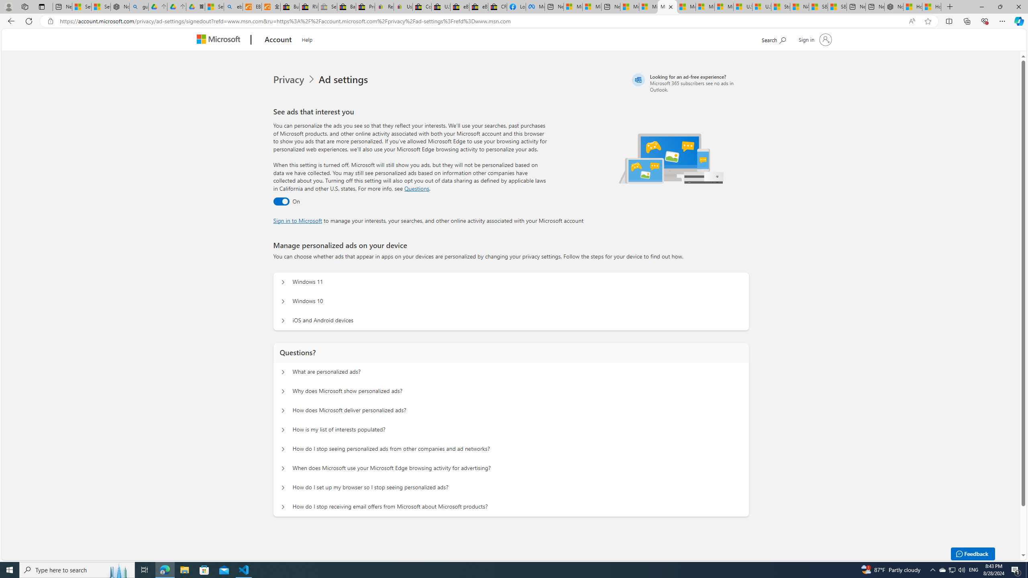 This screenshot has width=1028, height=578. What do you see at coordinates (283, 372) in the screenshot?
I see `'Questions? What are personalized ads?'` at bounding box center [283, 372].